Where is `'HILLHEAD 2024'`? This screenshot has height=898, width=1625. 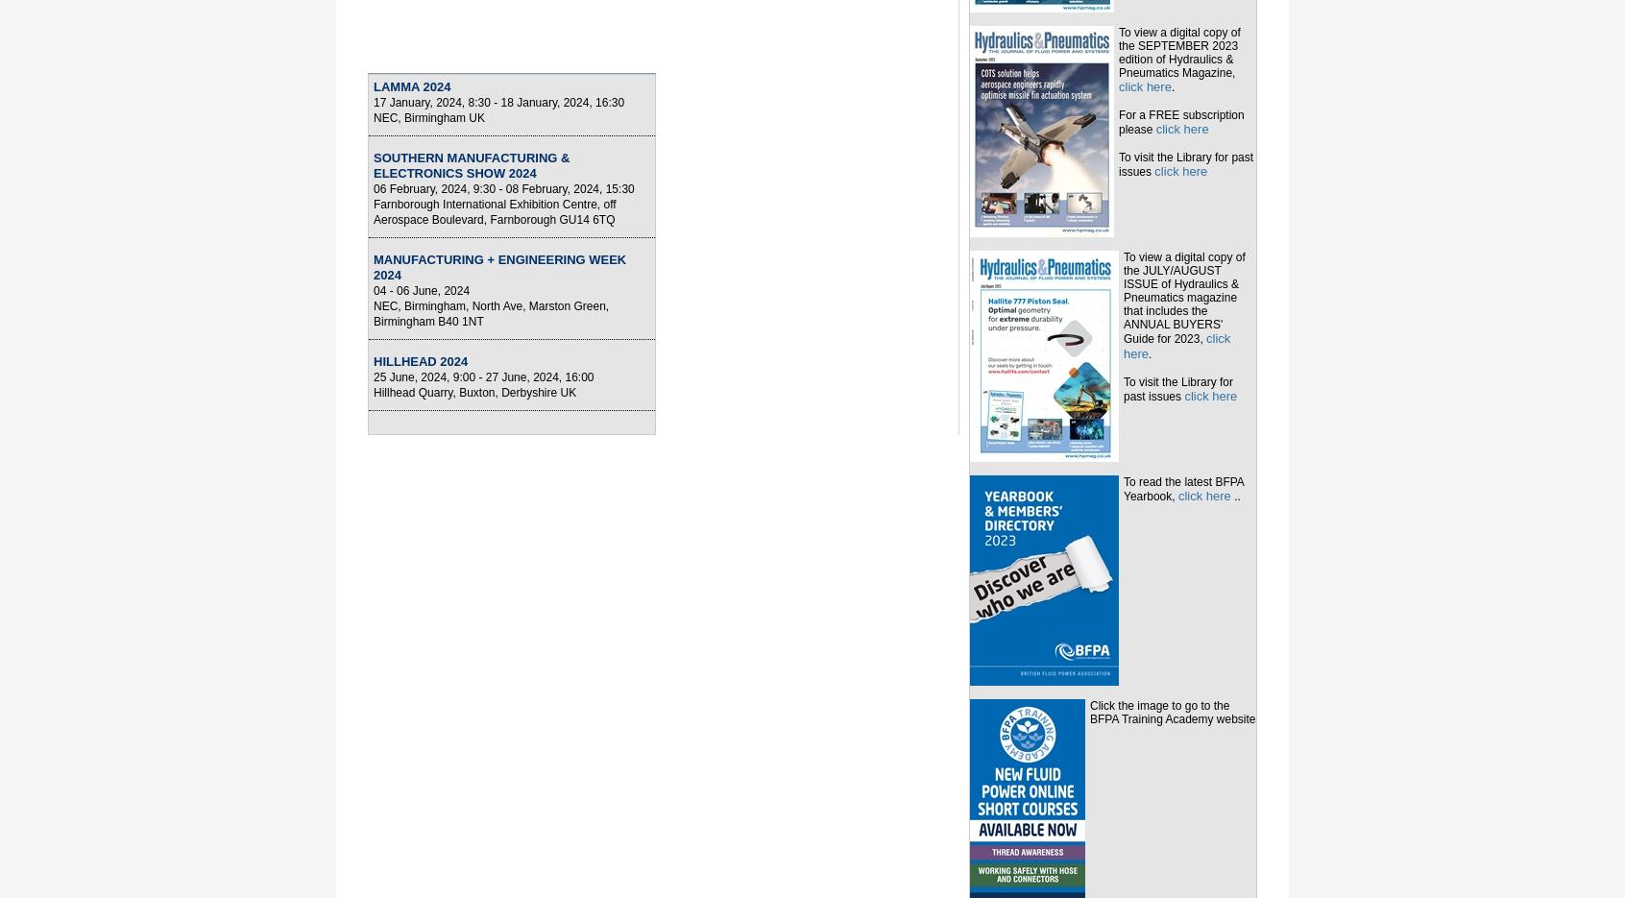 'HILLHEAD 2024' is located at coordinates (420, 360).